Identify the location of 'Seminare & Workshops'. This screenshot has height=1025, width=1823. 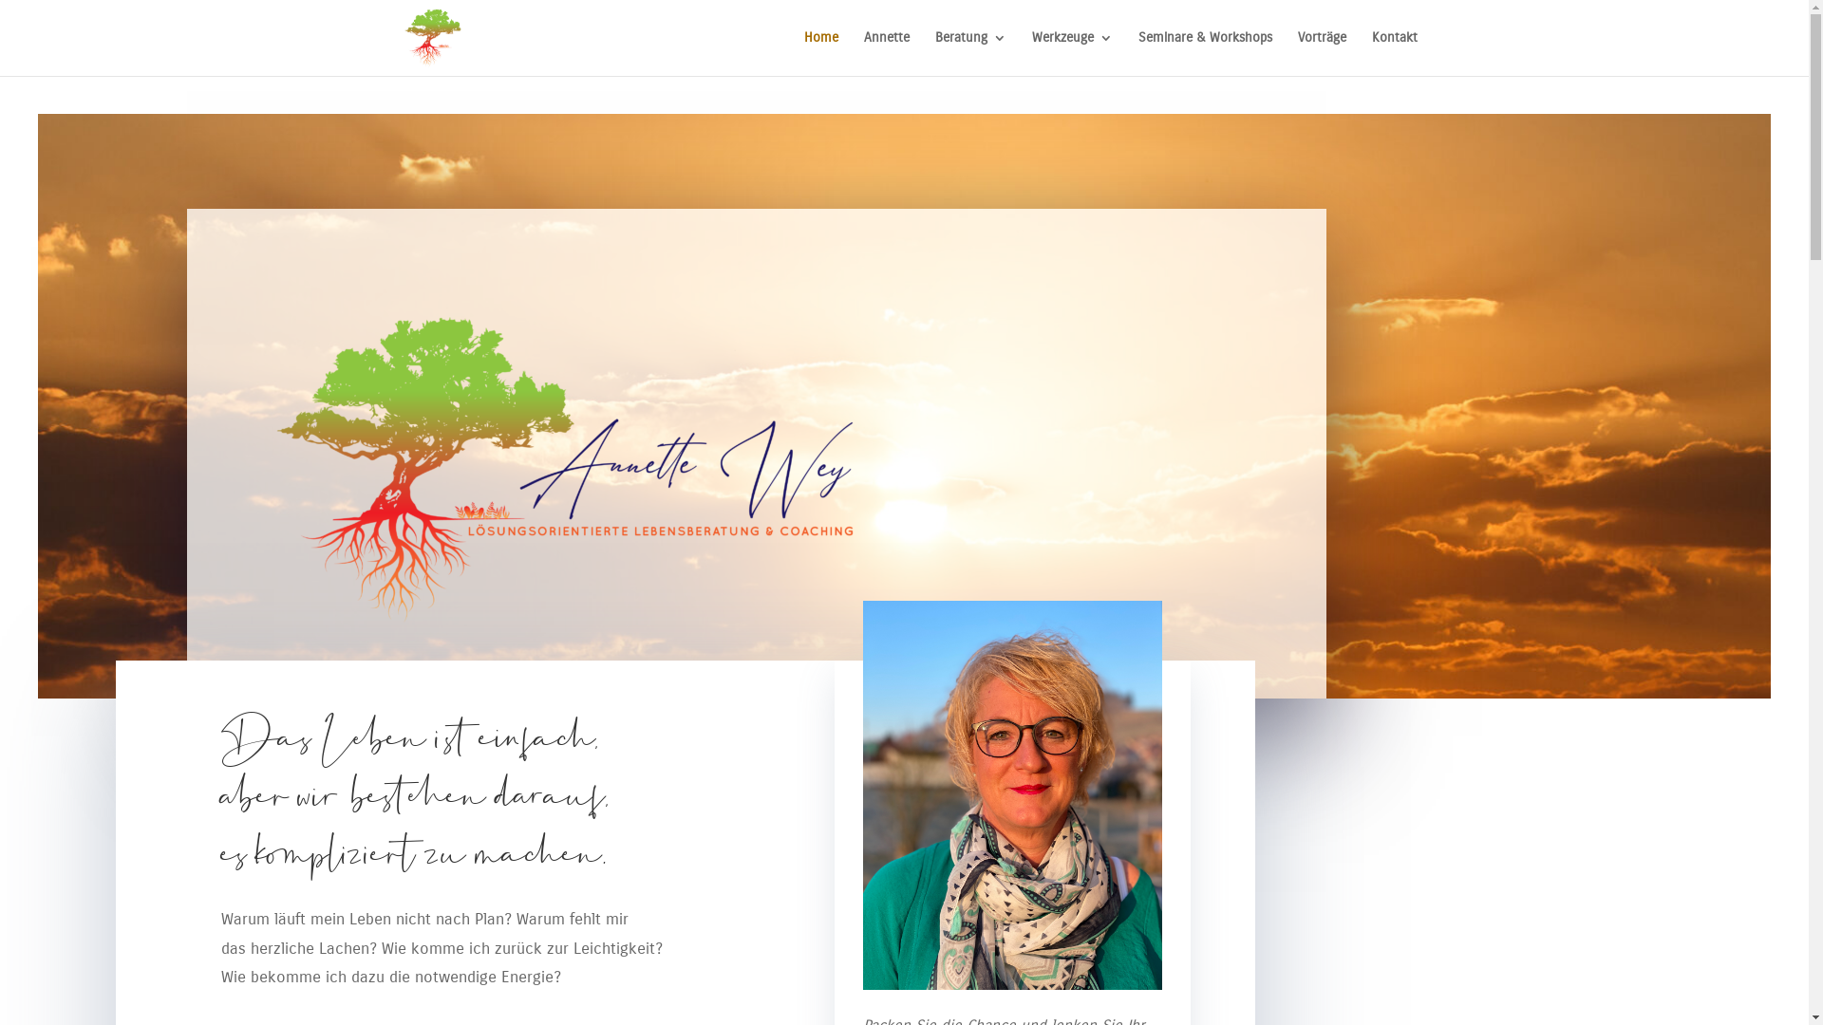
(1203, 52).